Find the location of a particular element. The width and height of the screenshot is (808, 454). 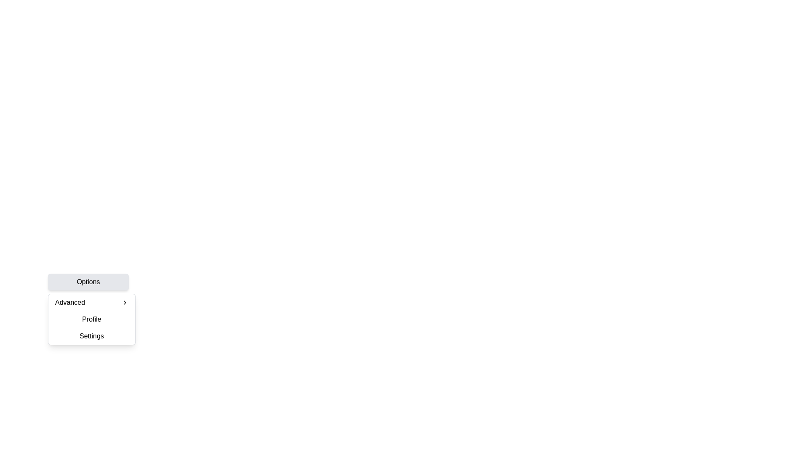

the 'Settings' button in the vertical menu is located at coordinates (91, 335).